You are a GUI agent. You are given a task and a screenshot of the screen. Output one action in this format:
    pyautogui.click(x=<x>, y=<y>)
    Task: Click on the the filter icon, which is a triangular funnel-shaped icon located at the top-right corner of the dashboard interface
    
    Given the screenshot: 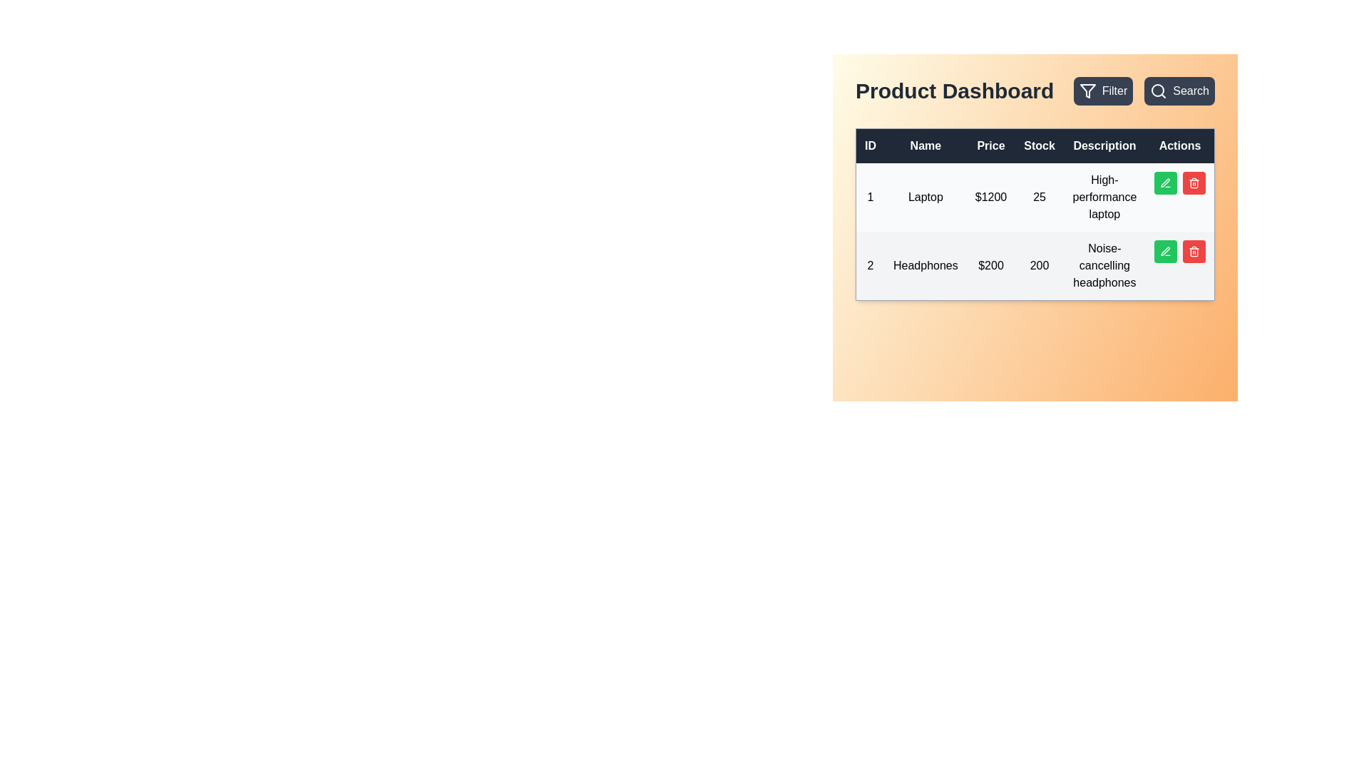 What is the action you would take?
    pyautogui.click(x=1087, y=91)
    